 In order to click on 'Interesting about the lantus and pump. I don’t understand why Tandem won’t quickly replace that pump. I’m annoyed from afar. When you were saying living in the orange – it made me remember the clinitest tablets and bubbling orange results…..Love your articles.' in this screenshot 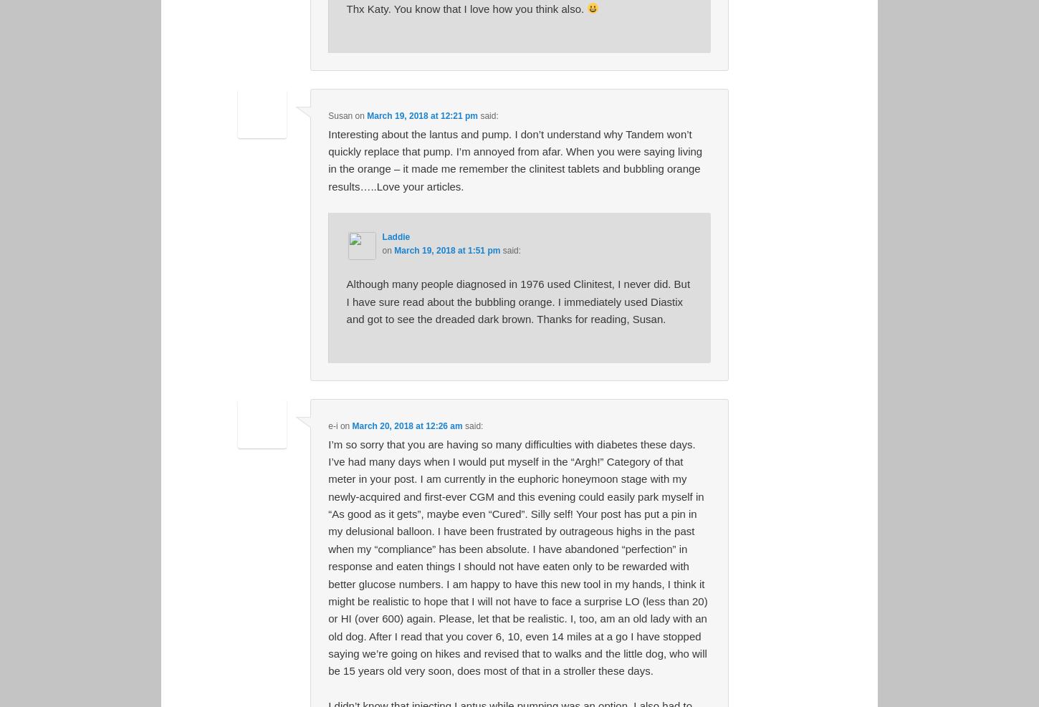, I will do `click(514, 159)`.